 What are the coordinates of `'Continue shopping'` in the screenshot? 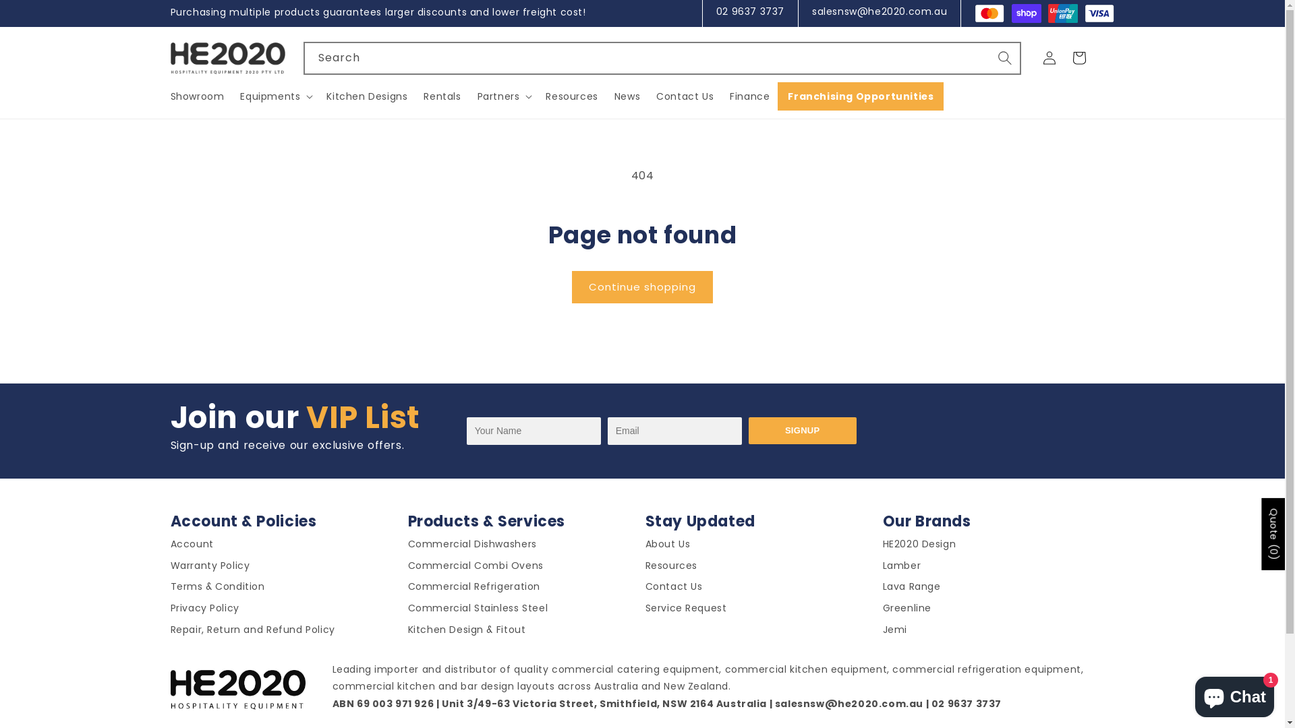 It's located at (641, 286).